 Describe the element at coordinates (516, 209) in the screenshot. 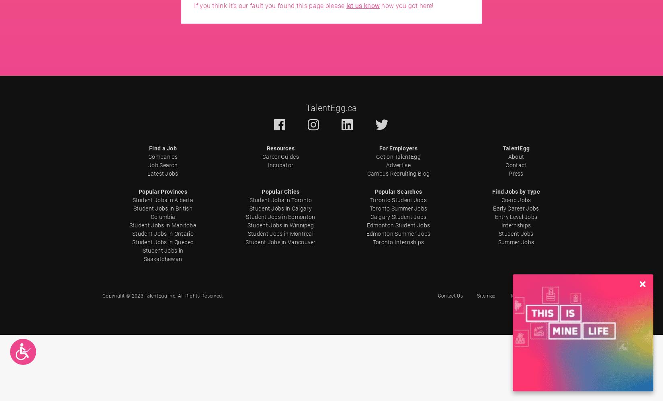

I see `'Early Career Jobs'` at that location.